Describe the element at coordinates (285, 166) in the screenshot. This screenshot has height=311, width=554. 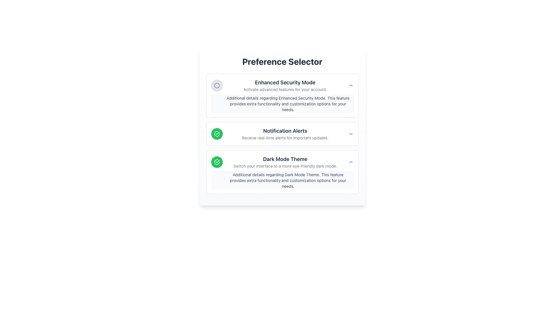
I see `the text label that says 'Switch your interface to a more eye-friendly dark mode.' located under the 'Dark Mode Theme' heading` at that location.